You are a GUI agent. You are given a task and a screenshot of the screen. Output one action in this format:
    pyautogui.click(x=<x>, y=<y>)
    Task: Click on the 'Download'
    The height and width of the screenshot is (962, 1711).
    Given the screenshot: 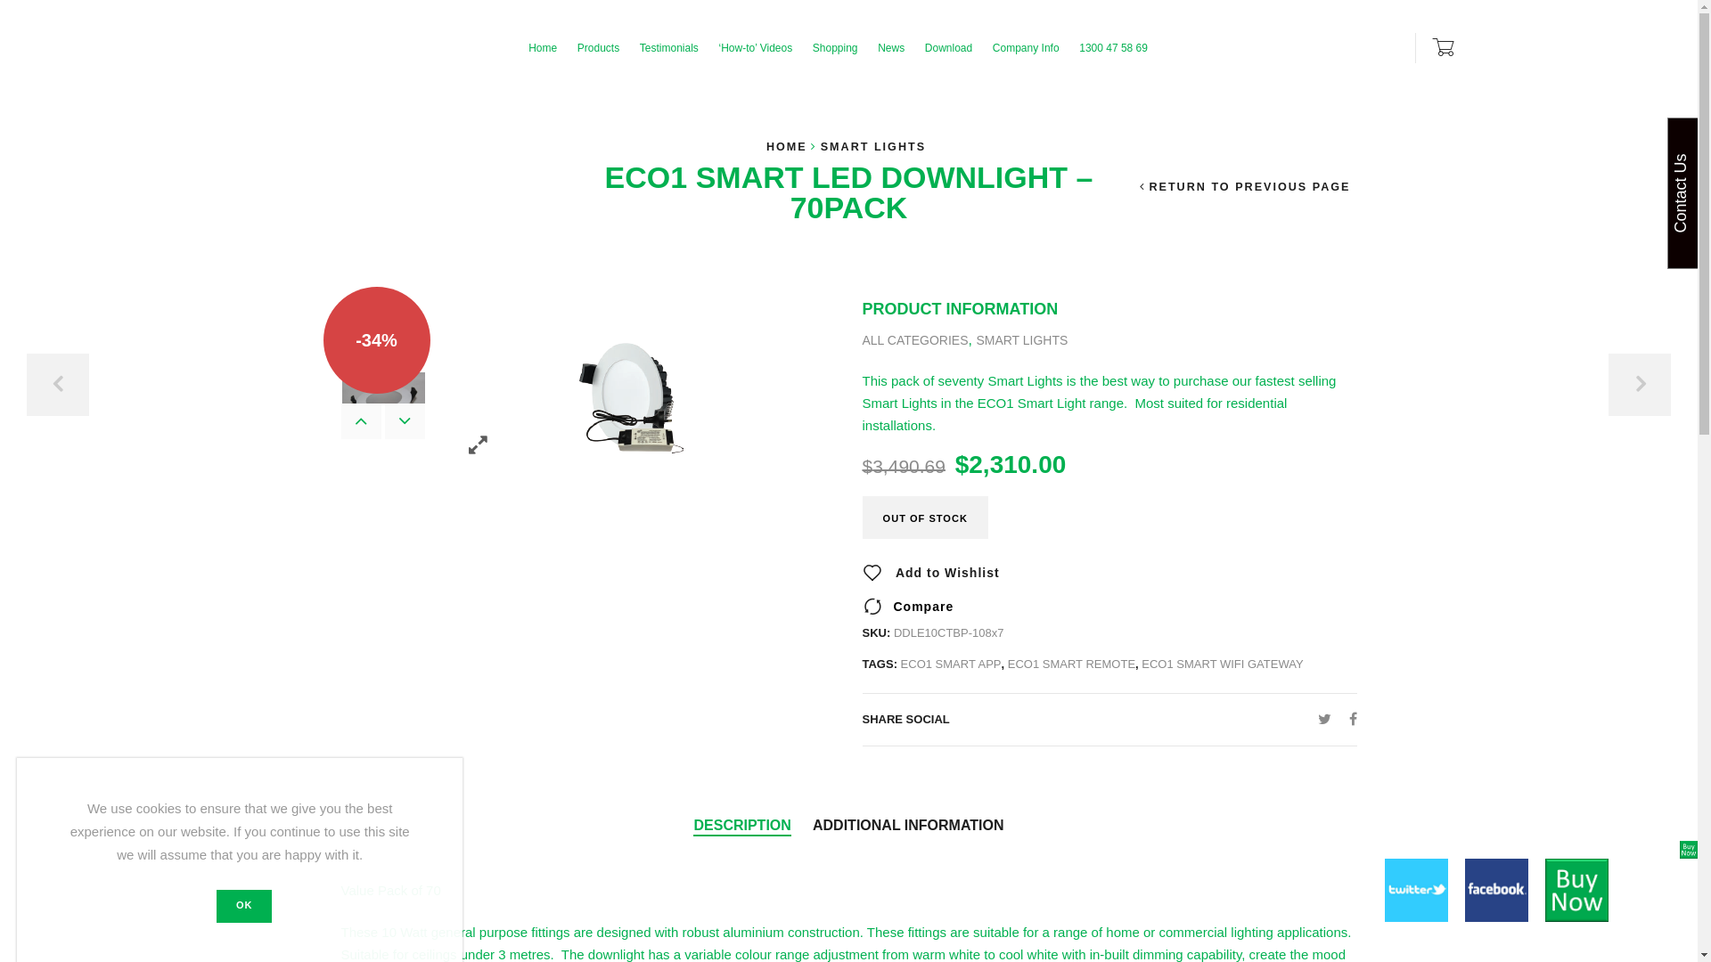 What is the action you would take?
    pyautogui.click(x=948, y=47)
    